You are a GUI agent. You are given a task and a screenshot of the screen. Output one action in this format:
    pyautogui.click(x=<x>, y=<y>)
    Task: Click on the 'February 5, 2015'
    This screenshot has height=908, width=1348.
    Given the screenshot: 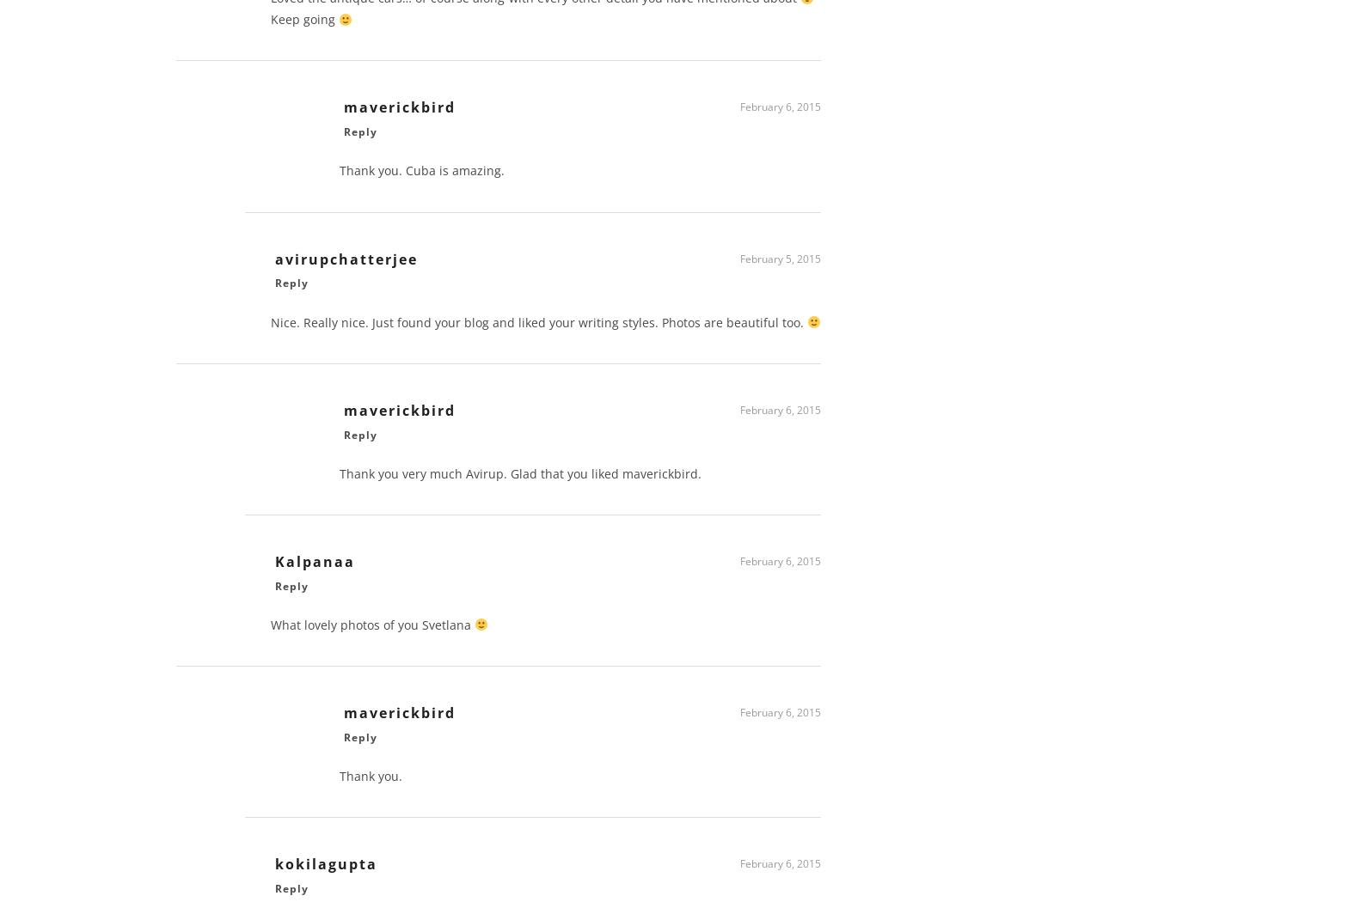 What is the action you would take?
    pyautogui.click(x=781, y=265)
    